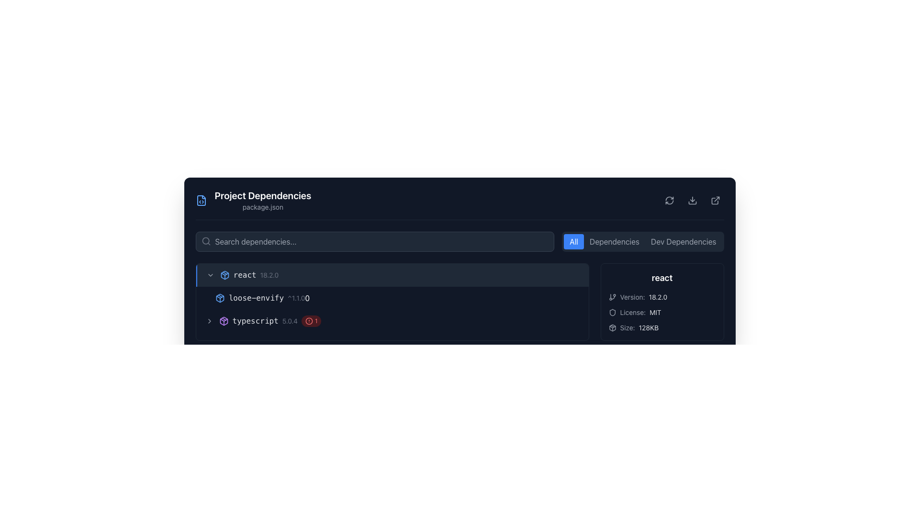  What do you see at coordinates (289, 321) in the screenshot?
I see `the text label displaying '5.0.4' that is styled in gray and positioned near the 'typescript' label in the 'Project Dependencies' section` at bounding box center [289, 321].